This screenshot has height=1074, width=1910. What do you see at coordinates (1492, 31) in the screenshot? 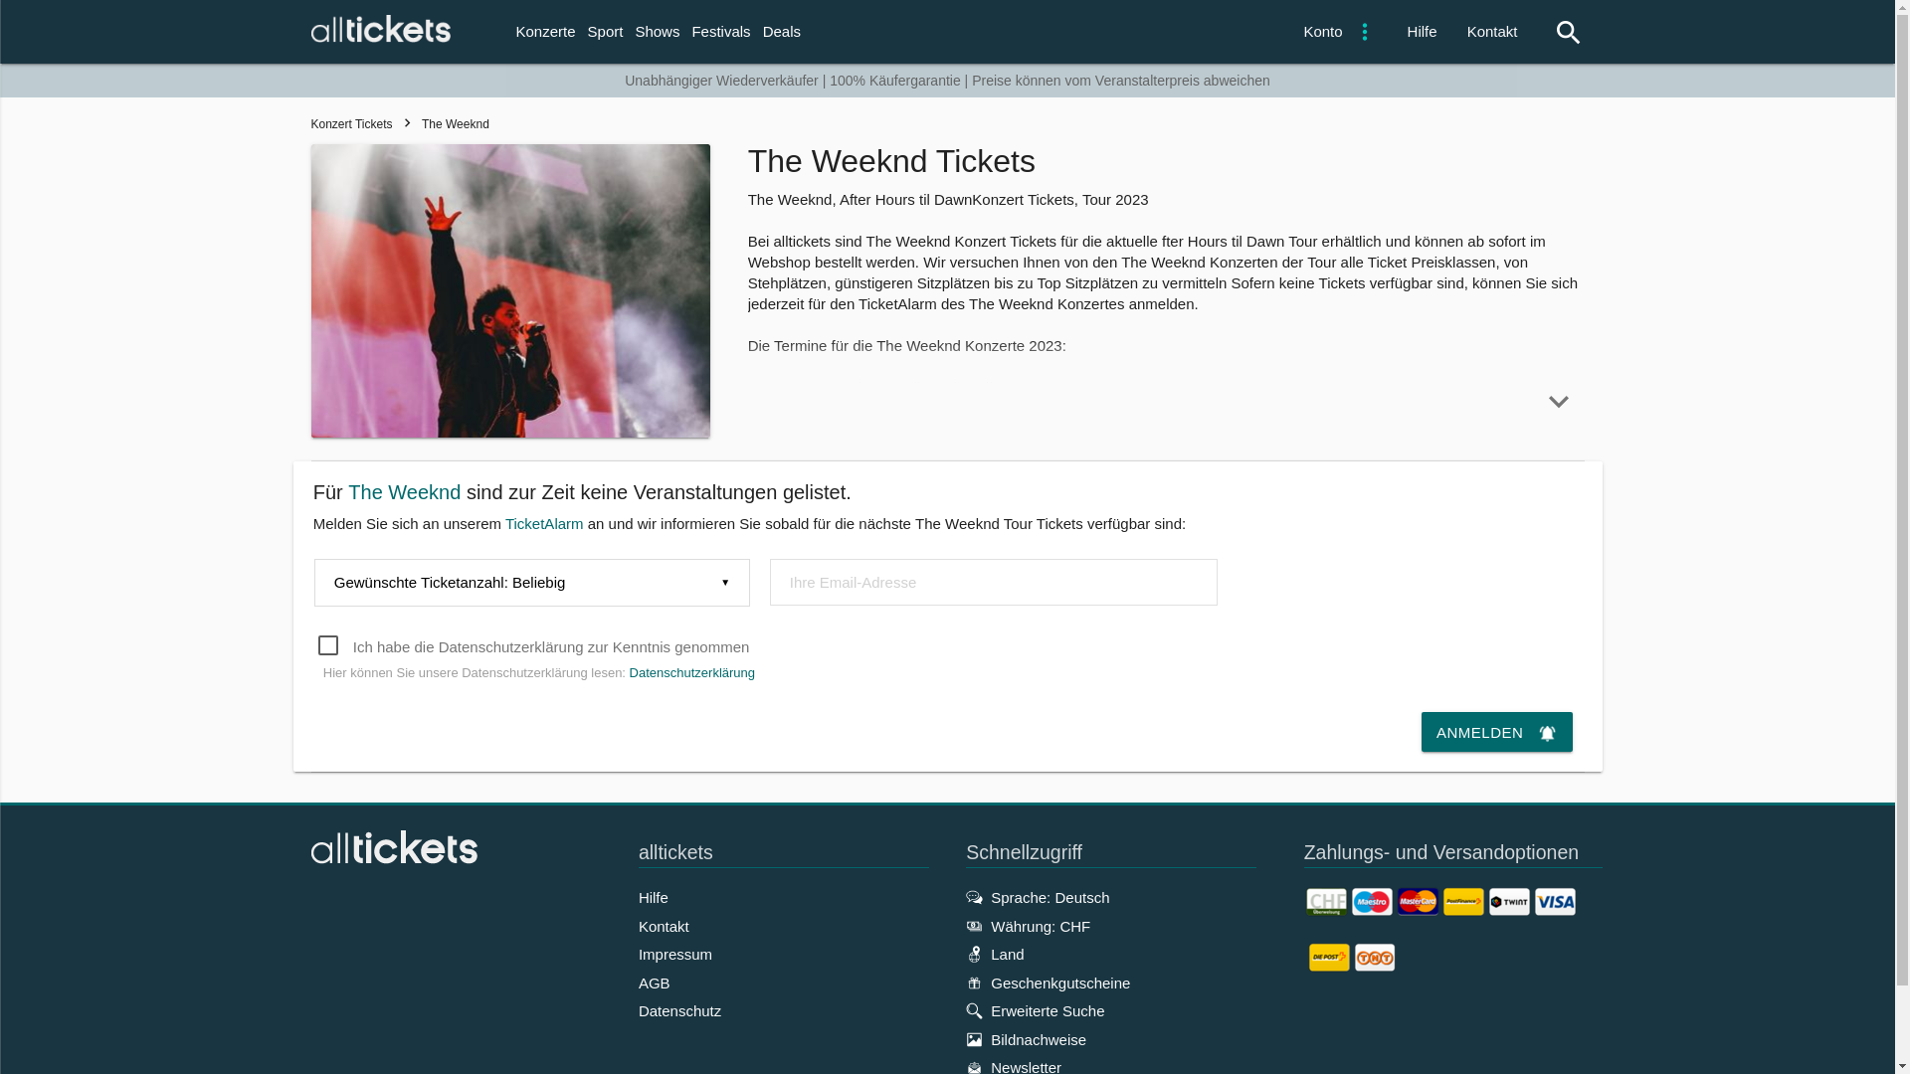
I see `'Kontakt'` at bounding box center [1492, 31].